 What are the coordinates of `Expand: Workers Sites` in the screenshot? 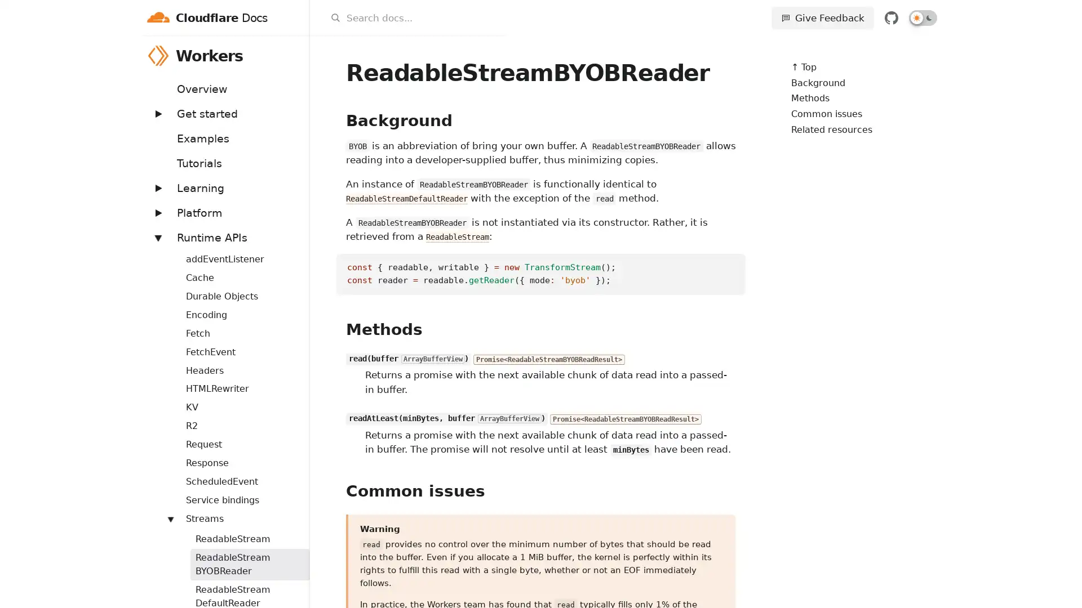 It's located at (164, 512).